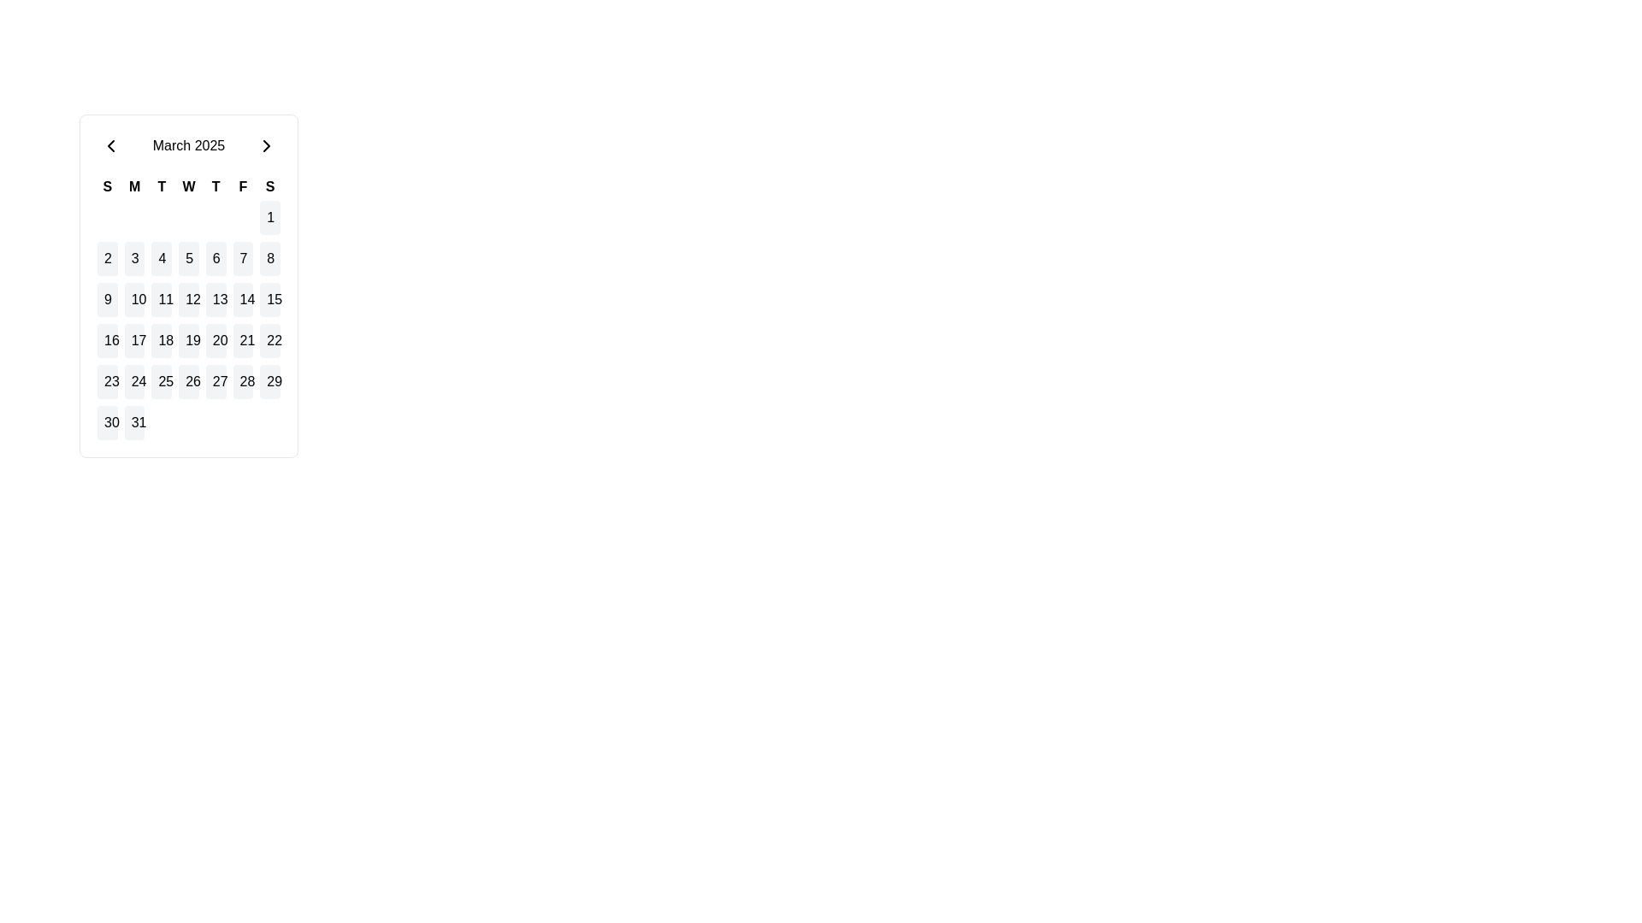  What do you see at coordinates (188, 340) in the screenshot?
I see `the button representing the date '19' in the calendar located in the third row, fifth column` at bounding box center [188, 340].